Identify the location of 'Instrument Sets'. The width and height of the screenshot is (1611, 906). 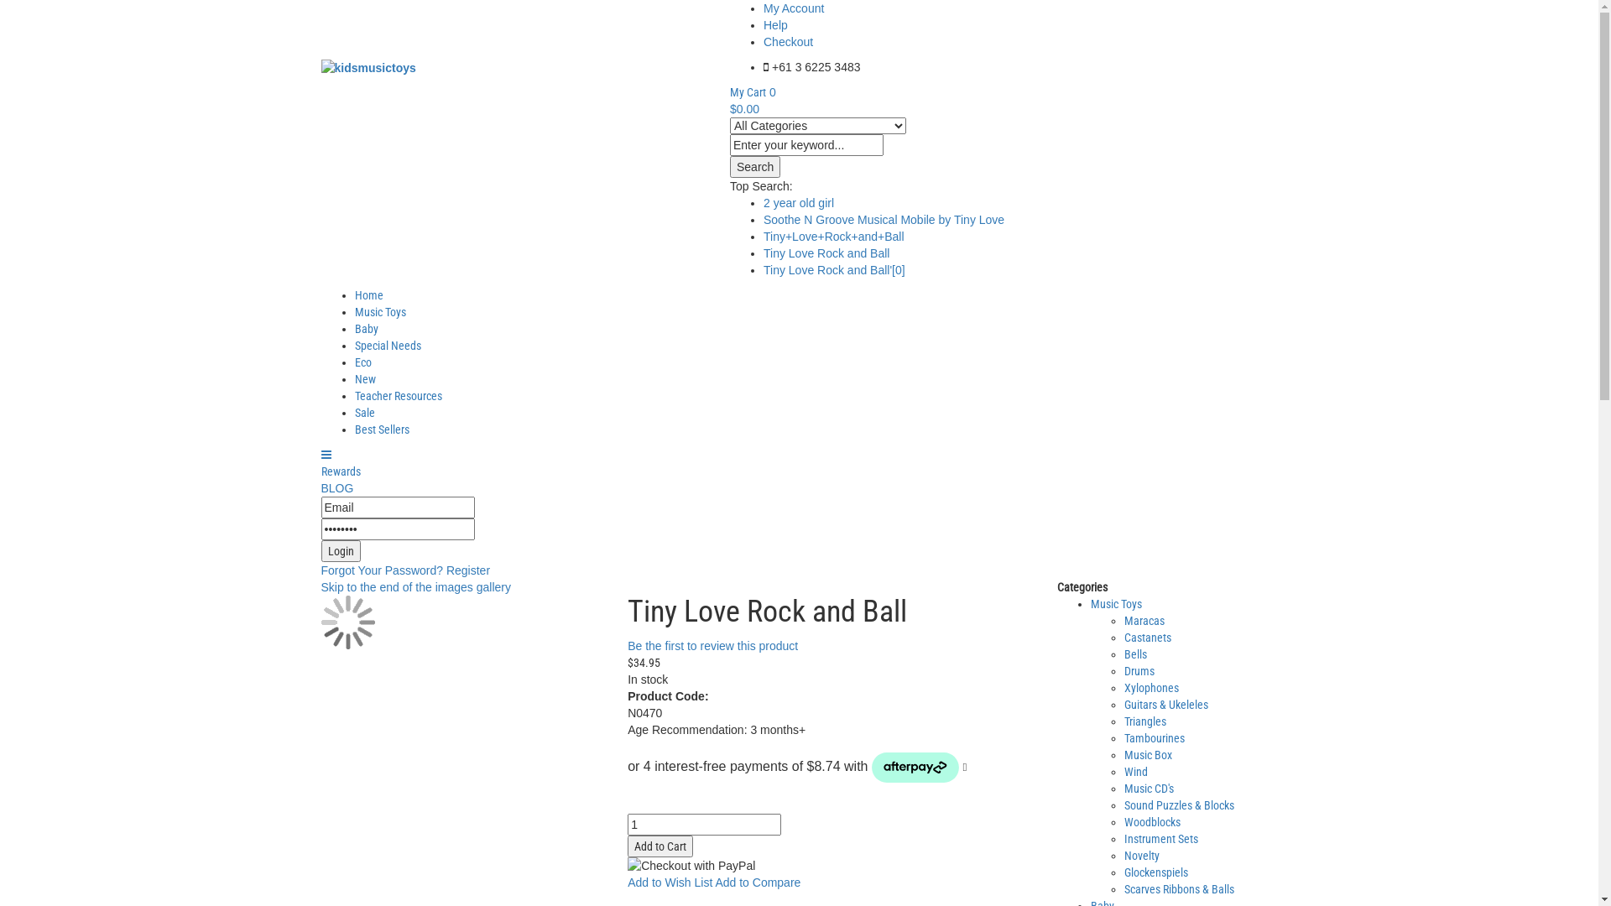
(1160, 838).